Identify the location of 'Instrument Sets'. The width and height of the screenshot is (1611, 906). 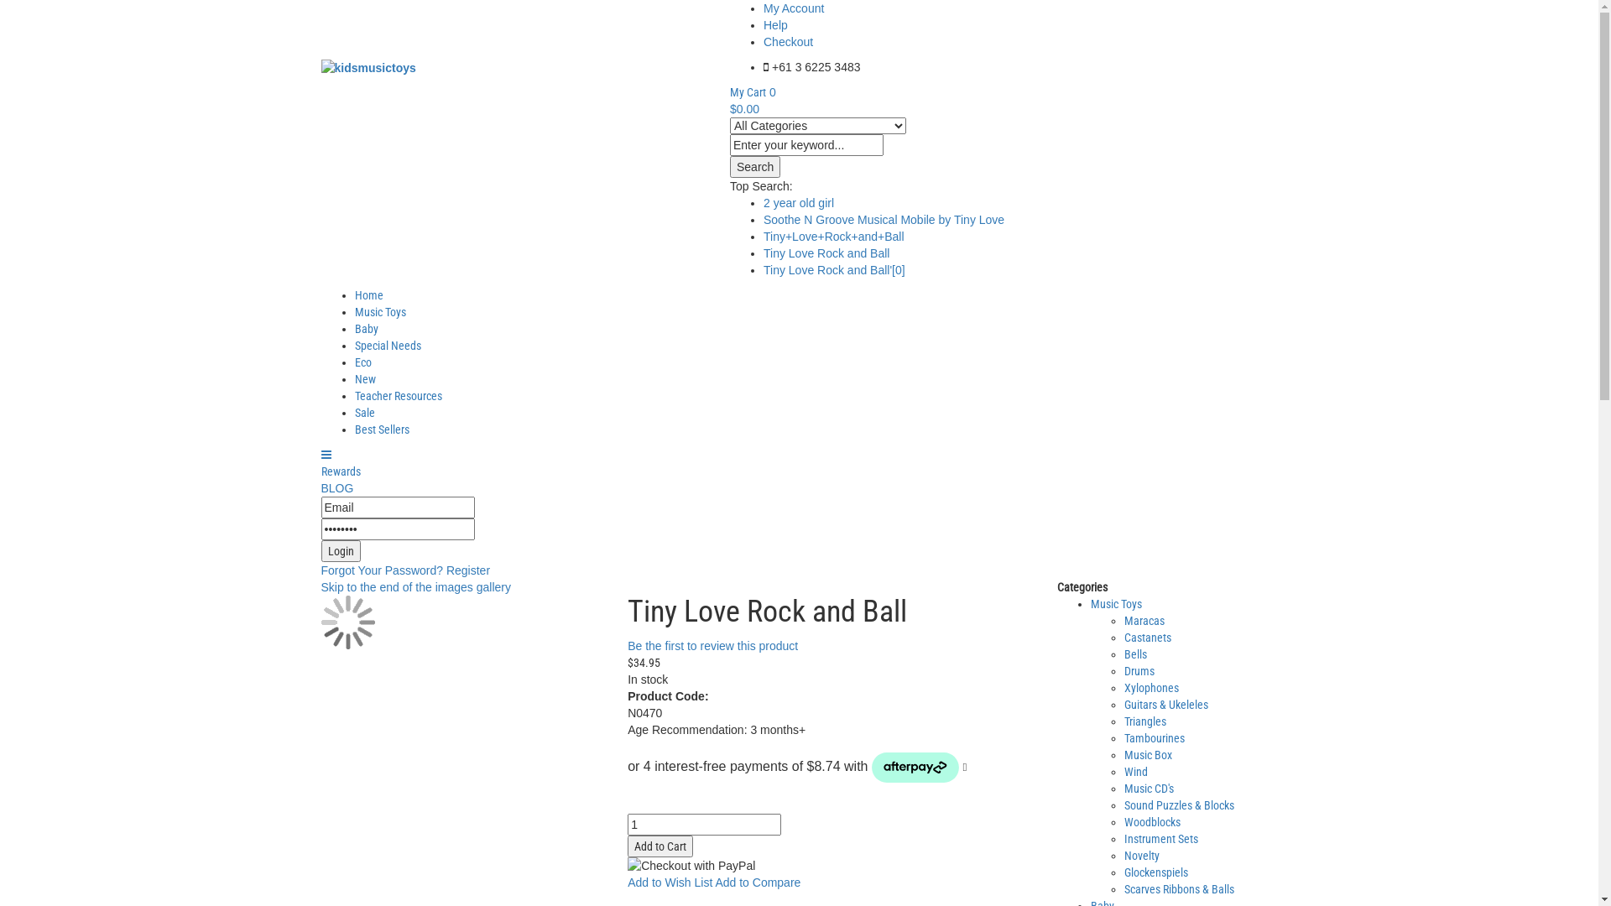
(1160, 838).